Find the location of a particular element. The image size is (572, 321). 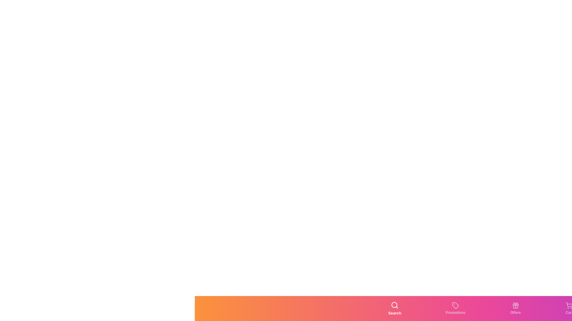

the tab labeled Search to observe the hover effect is located at coordinates (395, 308).